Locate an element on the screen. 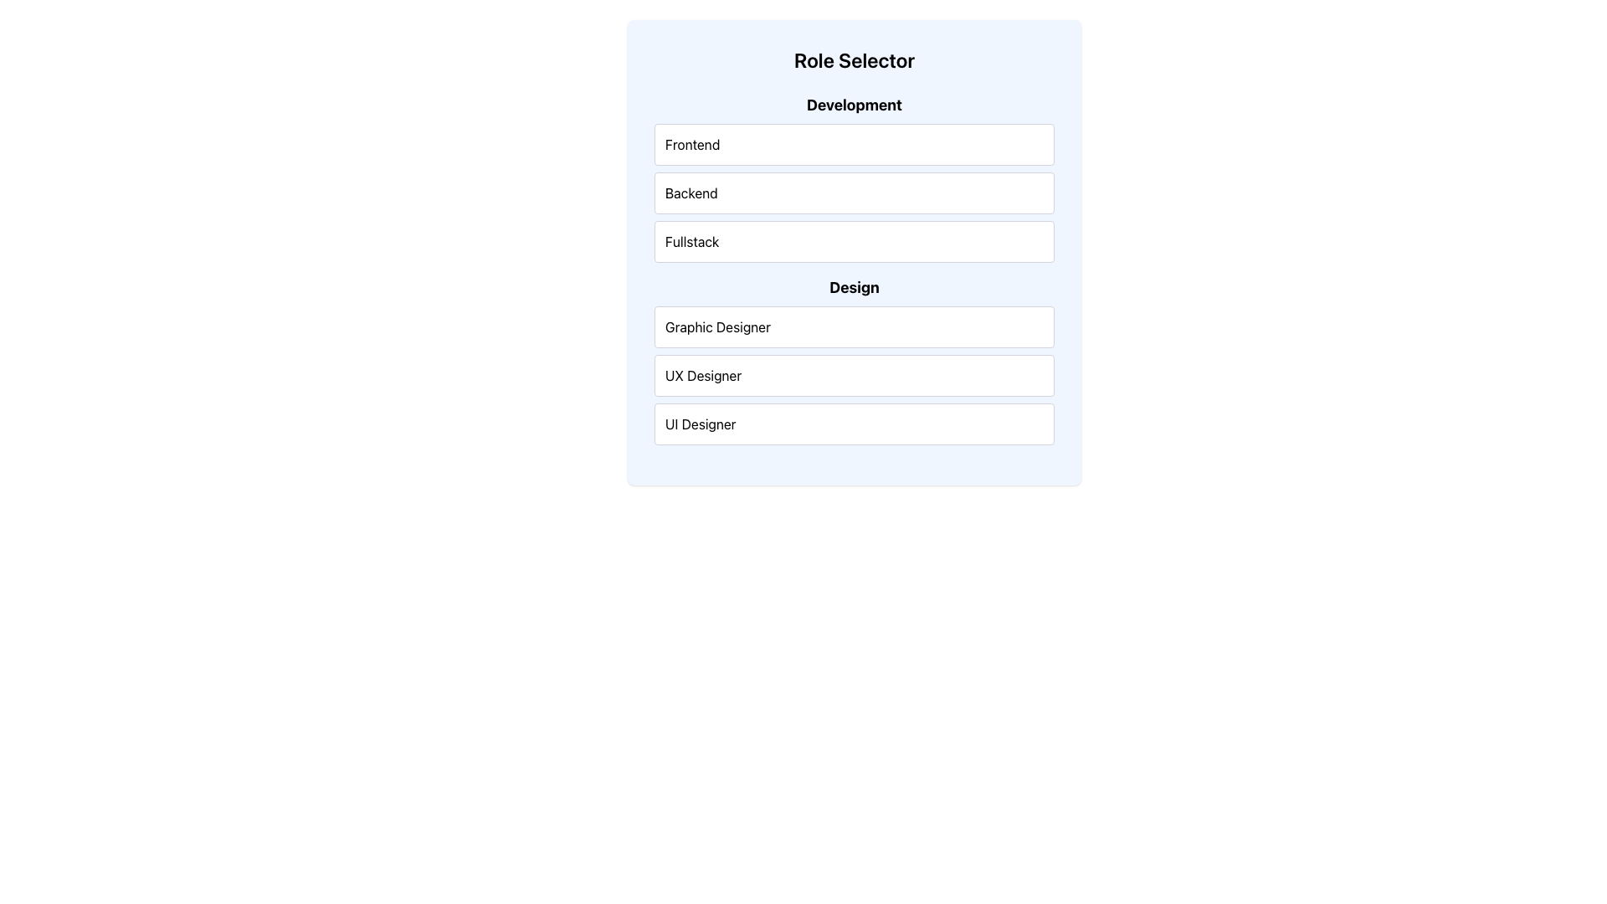  the first selectable option labeled 'Graphic Designer' in the role selection menu is located at coordinates (855, 326).